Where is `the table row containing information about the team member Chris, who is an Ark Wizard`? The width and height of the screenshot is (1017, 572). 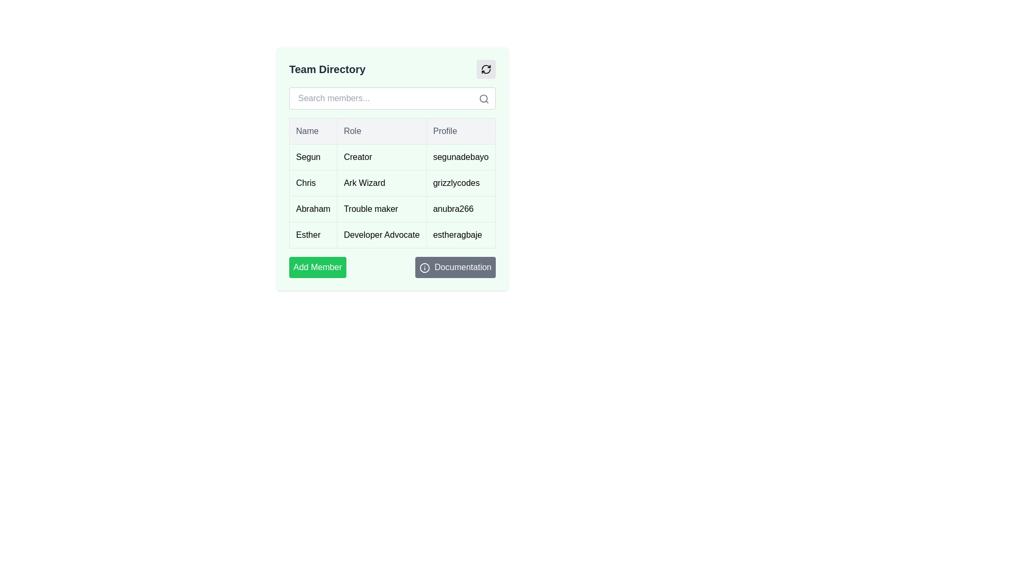
the table row containing information about the team member Chris, who is an Ark Wizard is located at coordinates (391, 183).